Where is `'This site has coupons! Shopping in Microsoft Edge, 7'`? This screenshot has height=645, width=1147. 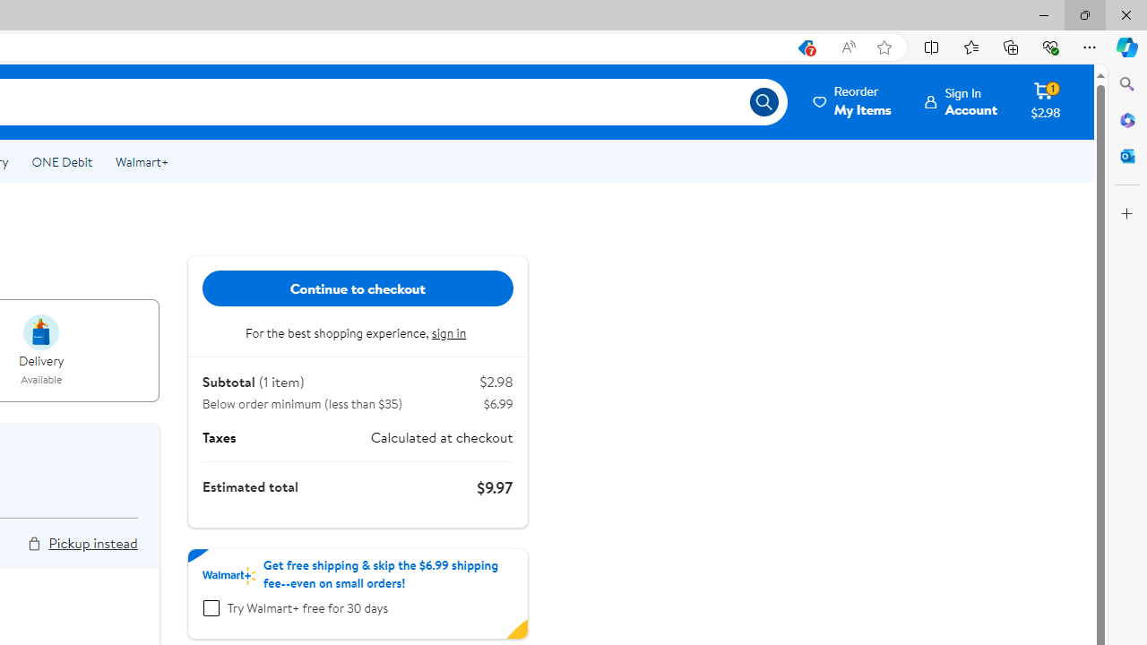
'This site has coupons! Shopping in Microsoft Edge, 7' is located at coordinates (804, 47).